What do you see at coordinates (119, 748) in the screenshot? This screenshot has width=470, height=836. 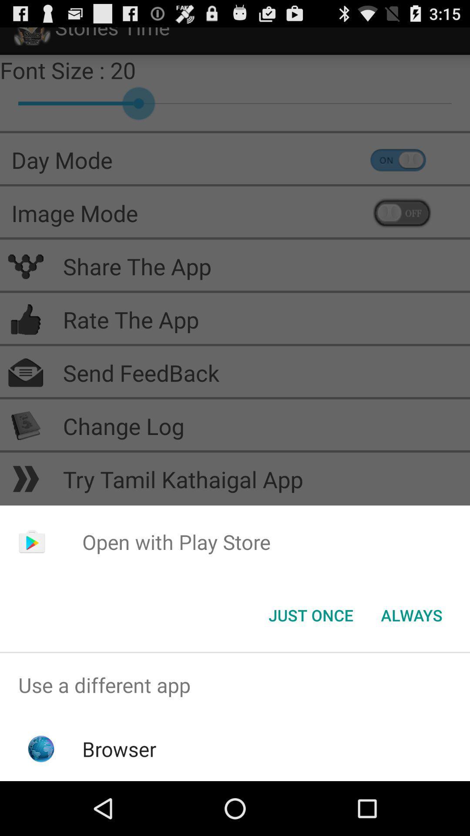 I see `the item below use a different` at bounding box center [119, 748].